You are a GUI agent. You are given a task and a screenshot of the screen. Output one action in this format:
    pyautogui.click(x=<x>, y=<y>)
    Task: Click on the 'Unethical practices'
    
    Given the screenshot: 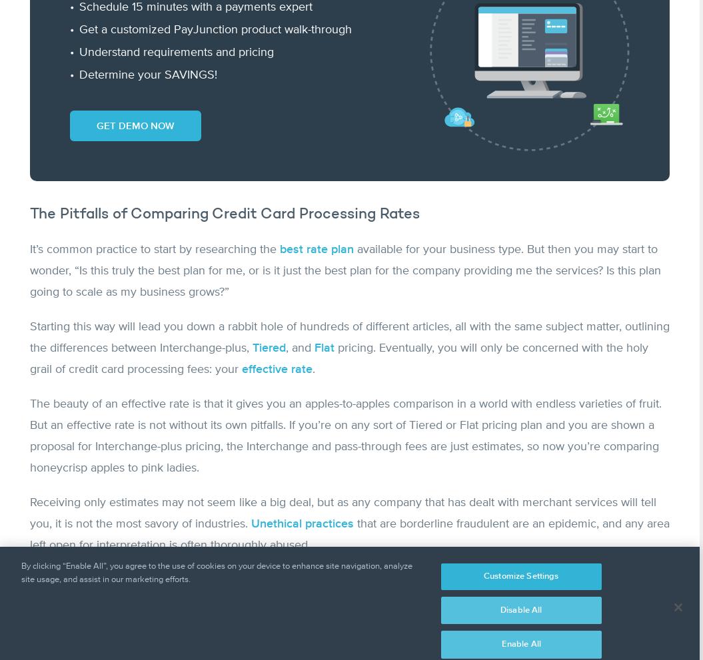 What is the action you would take?
    pyautogui.click(x=301, y=523)
    